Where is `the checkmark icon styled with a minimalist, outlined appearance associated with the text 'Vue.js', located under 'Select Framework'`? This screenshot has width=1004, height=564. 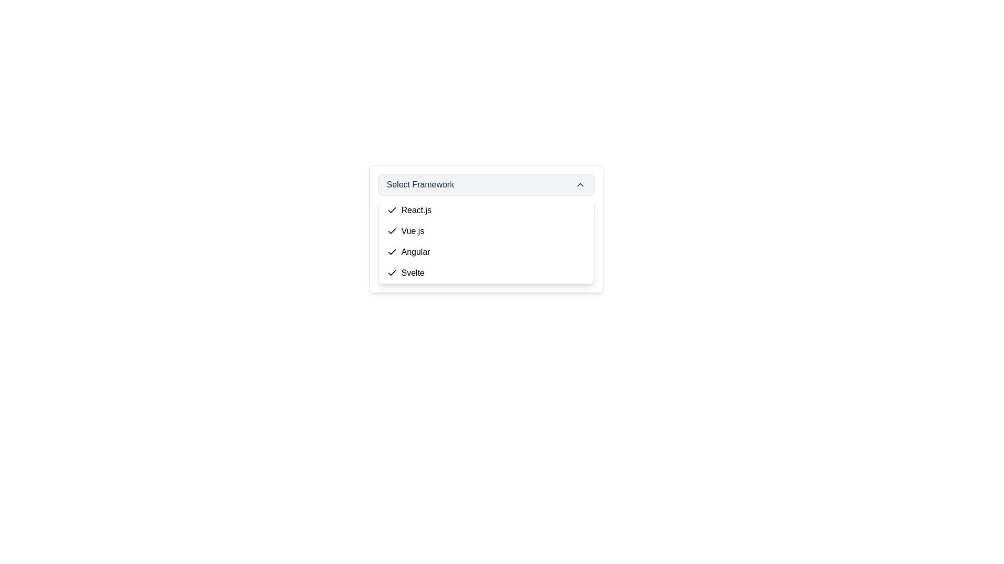 the checkmark icon styled with a minimalist, outlined appearance associated with the text 'Vue.js', located under 'Select Framework' is located at coordinates (391, 231).